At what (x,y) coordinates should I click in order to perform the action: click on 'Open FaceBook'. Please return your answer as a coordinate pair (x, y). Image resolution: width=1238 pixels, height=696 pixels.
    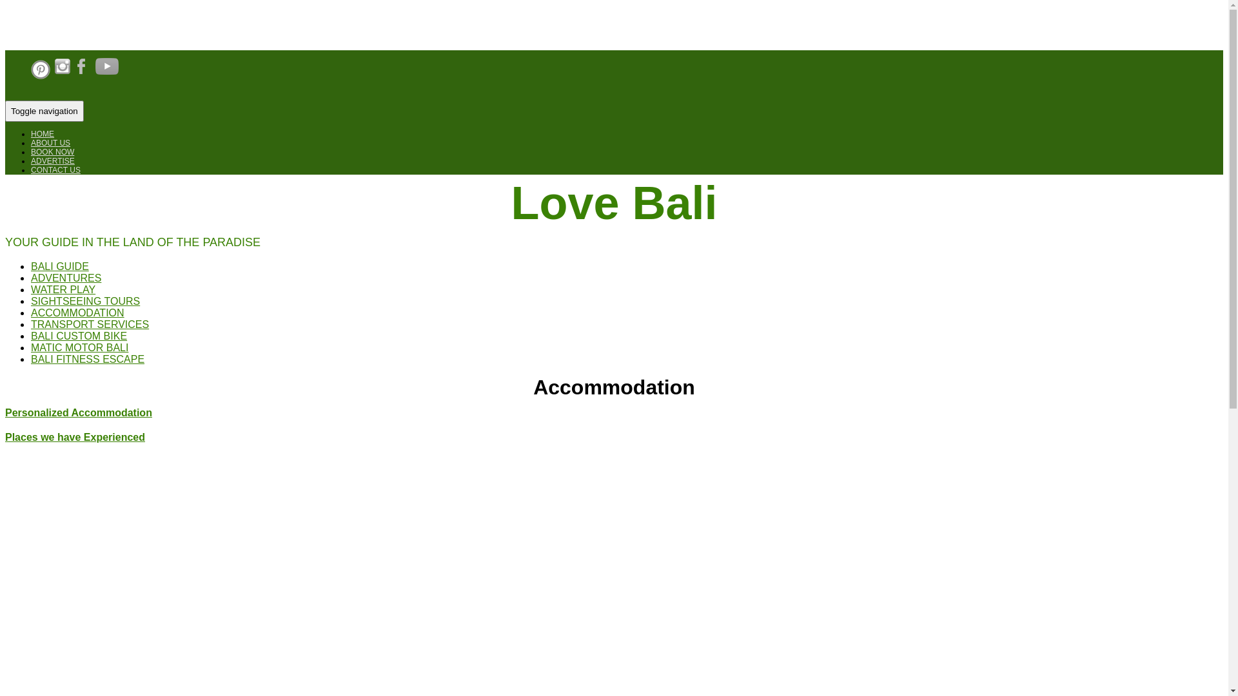
    Looking at the image, I should click on (74, 77).